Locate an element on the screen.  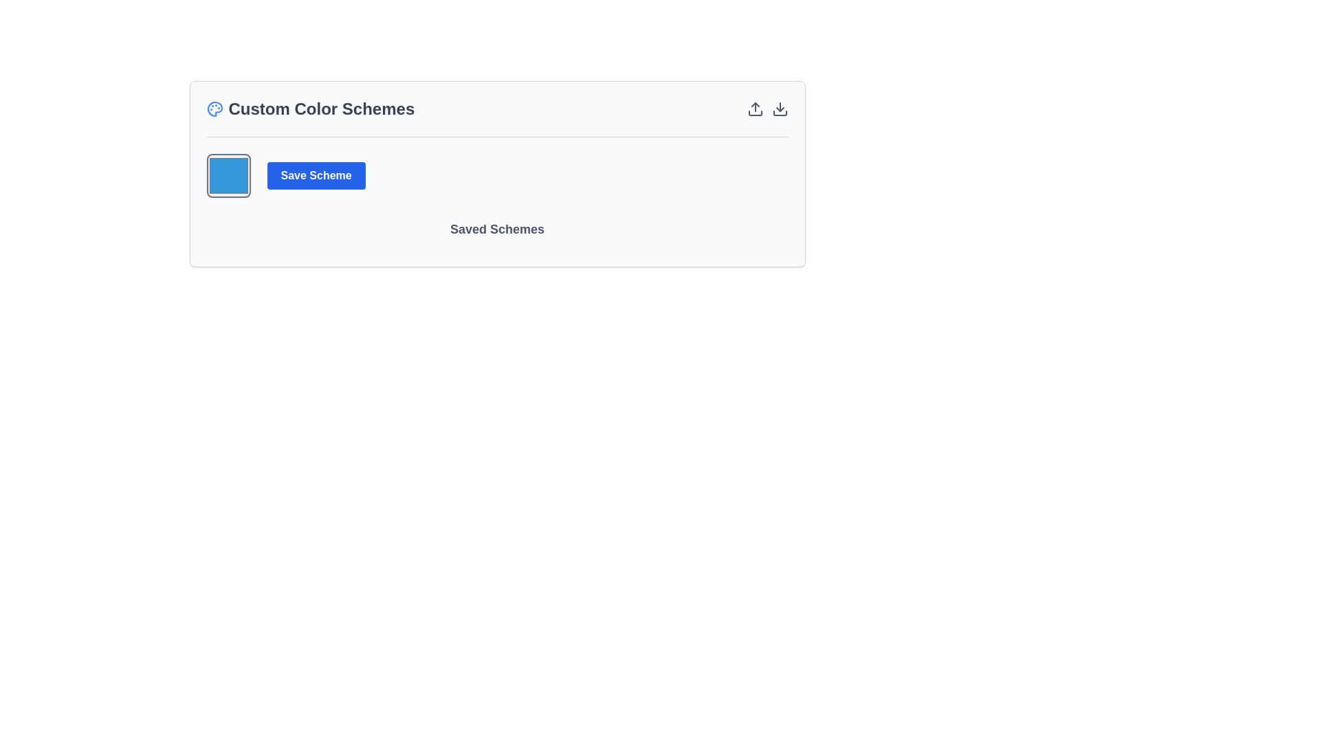
the download icon located at the top-right corner of the interface panel for 'Custom Color Schemes', which features rounded shapes forming a rectangle with a gap at the bottom is located at coordinates (780, 113).